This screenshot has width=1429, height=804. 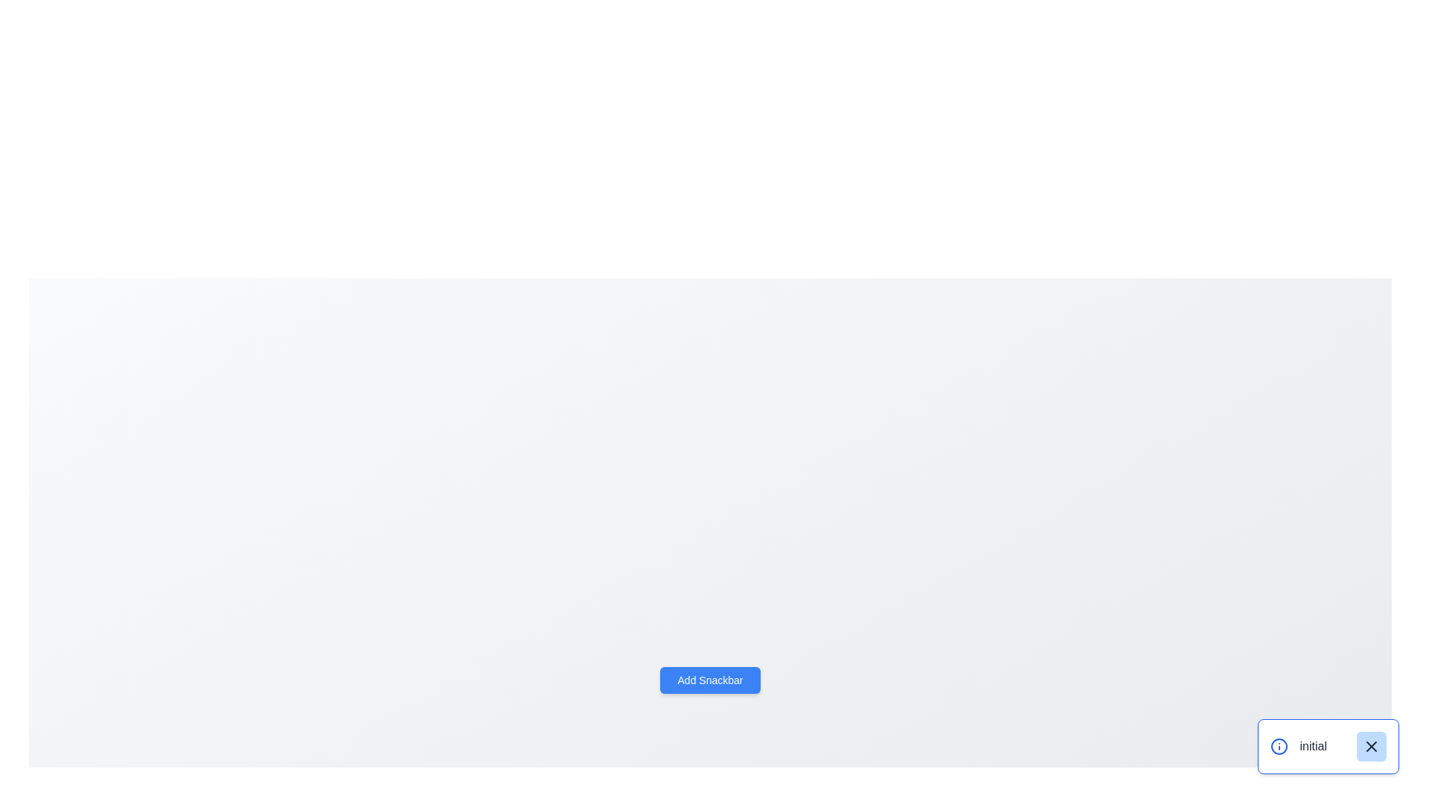 What do you see at coordinates (1328, 746) in the screenshot?
I see `the text labeled 'initial' in the notification component located in the bottom-right corner of the interface for accessibility purposes` at bounding box center [1328, 746].